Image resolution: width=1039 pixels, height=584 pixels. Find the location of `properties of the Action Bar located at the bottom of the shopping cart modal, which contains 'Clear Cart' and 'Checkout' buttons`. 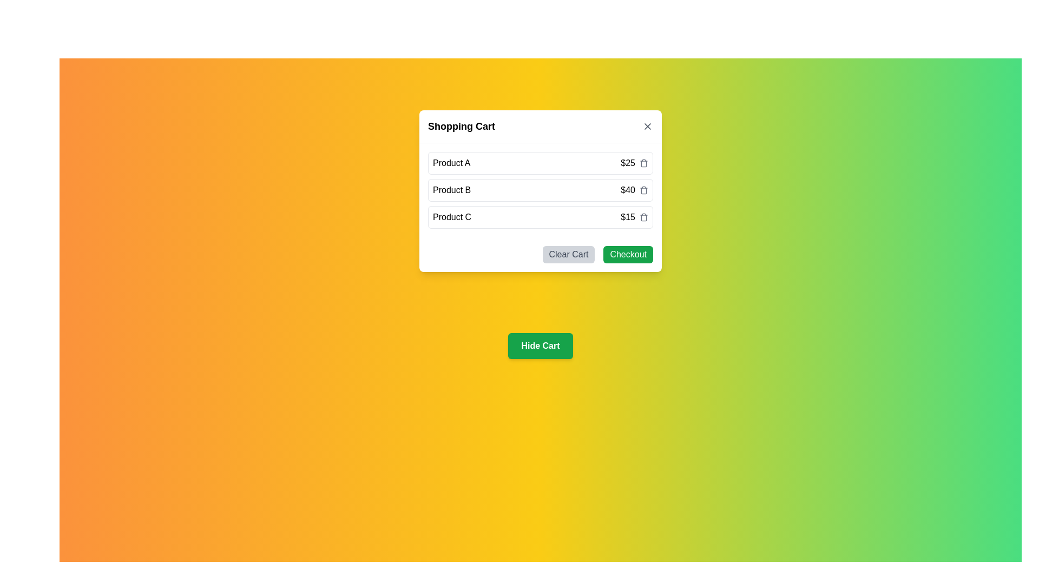

properties of the Action Bar located at the bottom of the shopping cart modal, which contains 'Clear Cart' and 'Checkout' buttons is located at coordinates (540, 254).